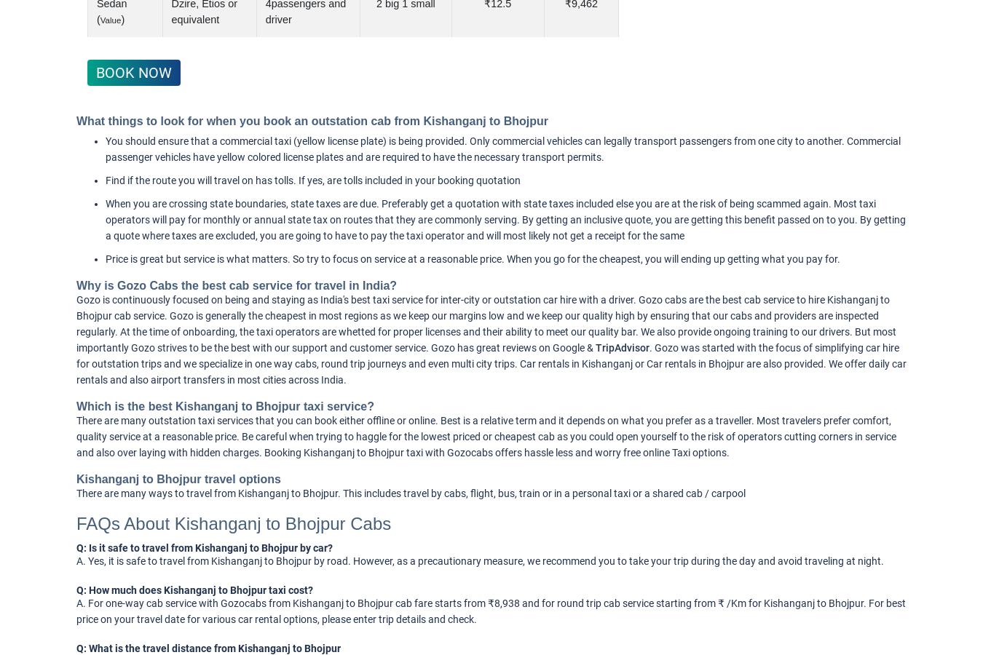  Describe the element at coordinates (491, 363) in the screenshot. I see `'. Gozo was started with the focus of simplifying car hire for outstation trips and we specialize in one way cabs, round trip journeys and even multi city trips. Car rentals in Kishanganj or Car rentals in Bhojpur are also provided. We offer daily car rentals and also airport transfers in most cities across India.'` at that location.